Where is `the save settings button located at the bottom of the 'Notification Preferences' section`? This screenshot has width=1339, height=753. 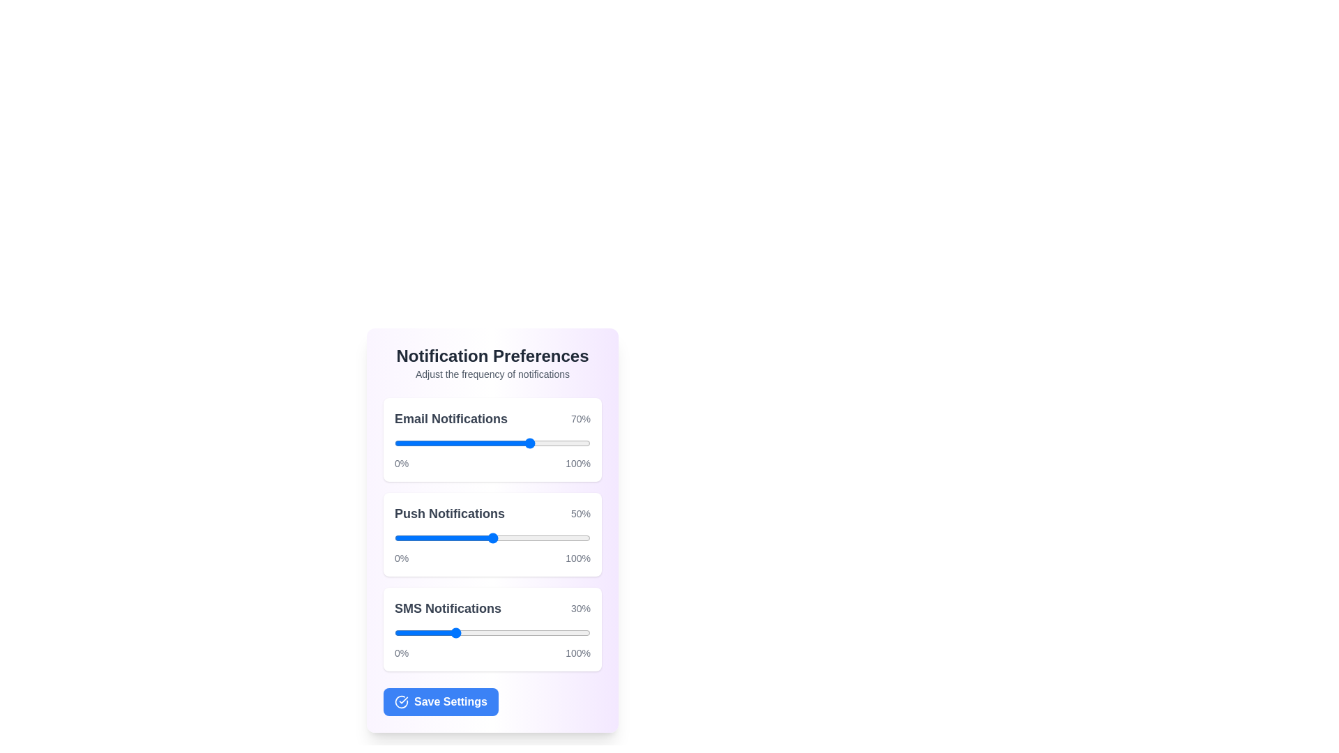 the save settings button located at the bottom of the 'Notification Preferences' section is located at coordinates (440, 701).